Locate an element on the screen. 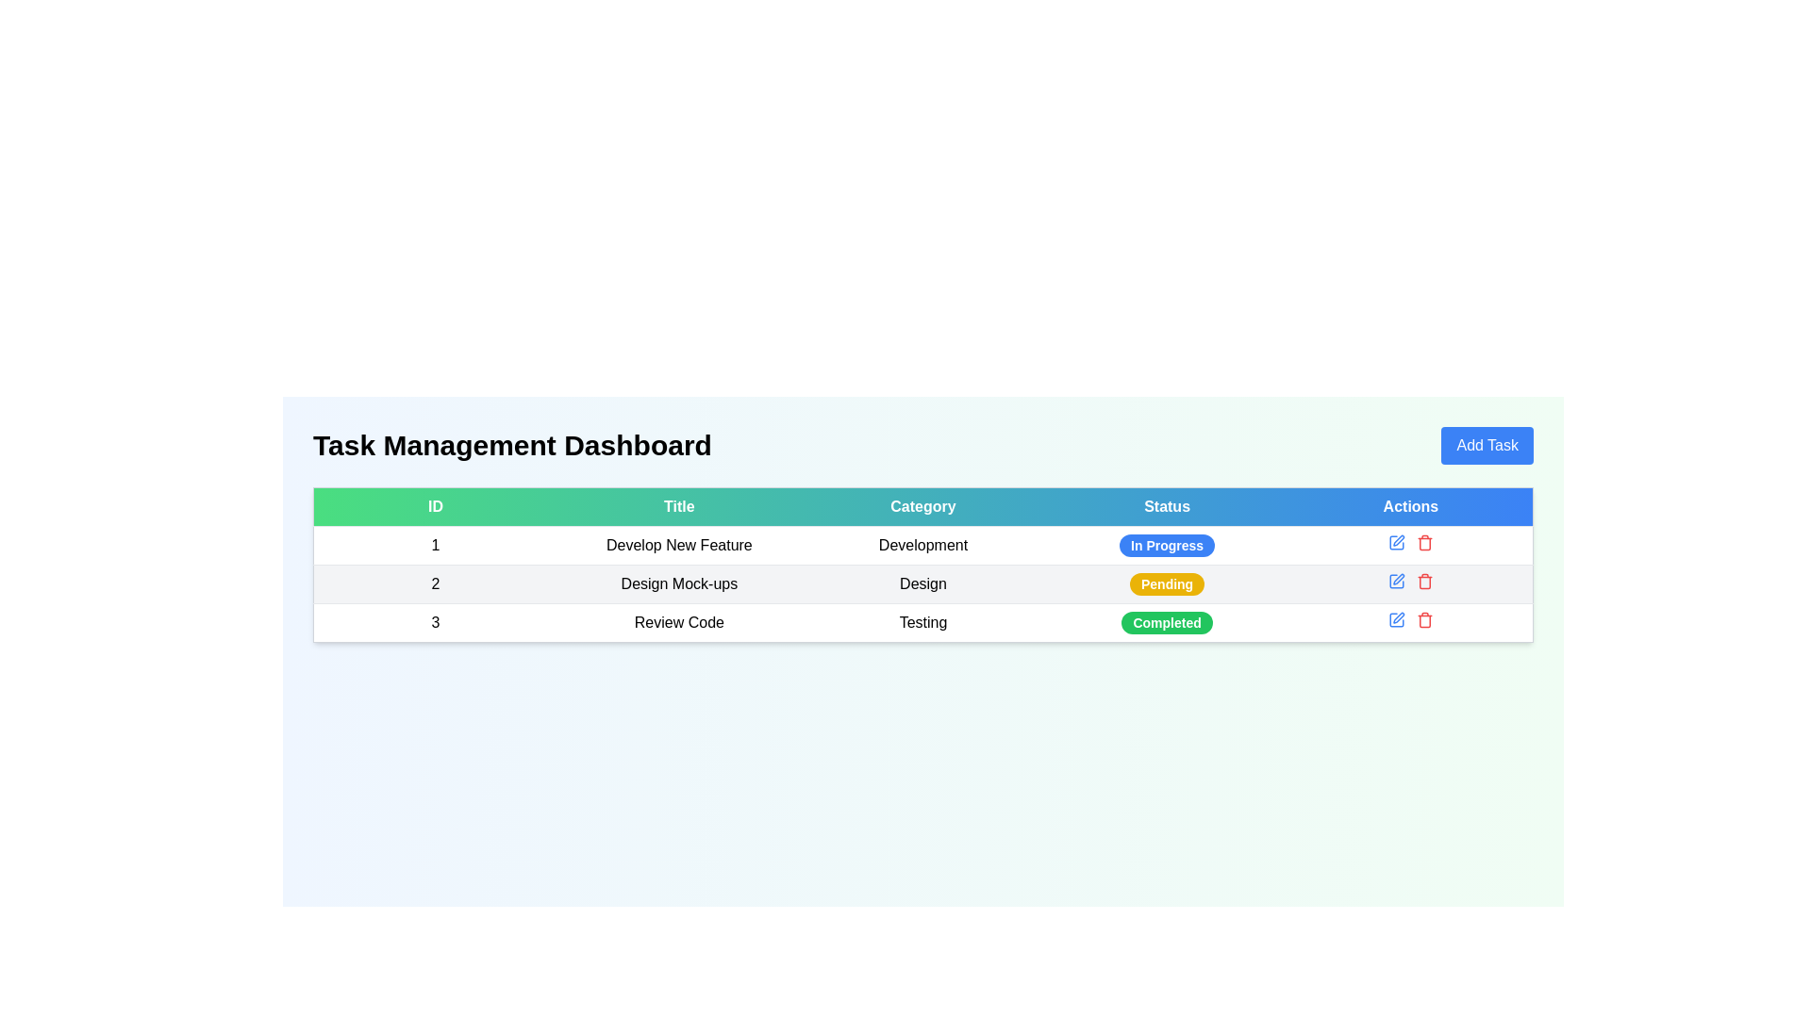  the 'Pending' status badge in the second row of the task management table associated with the task titled 'Design Mock-ups' in the 'Design' category is located at coordinates (1166, 583).